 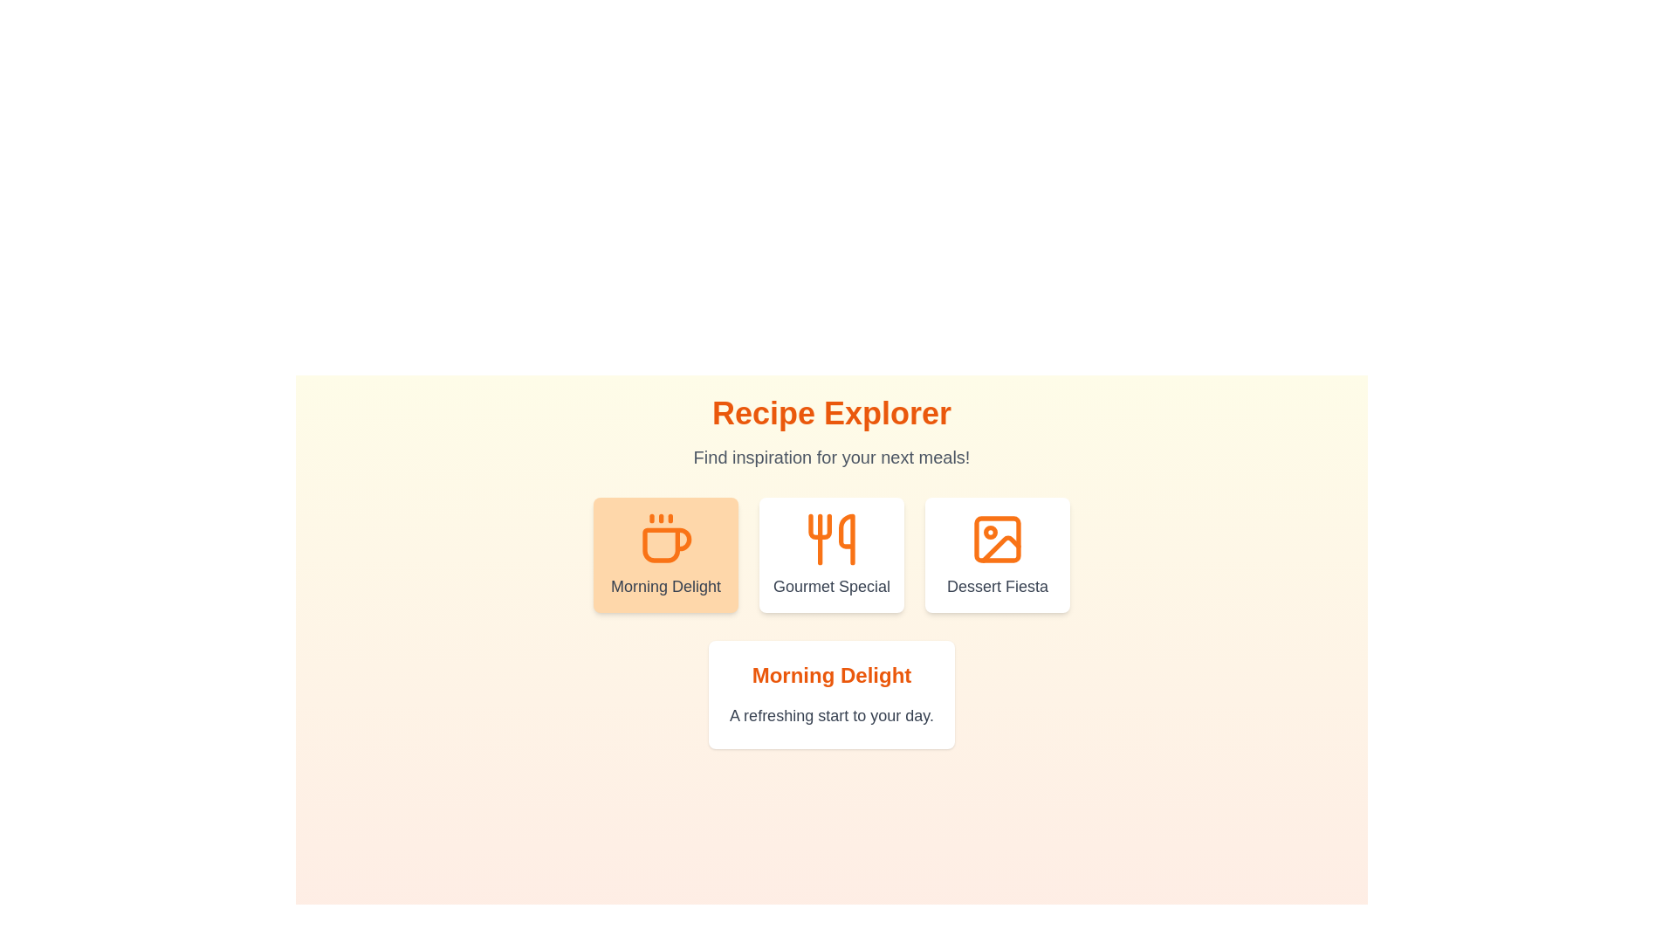 What do you see at coordinates (847, 538) in the screenshot?
I see `the third icon in the 'Gourmet Special' selection, which is a curved red-orange vector graphic resembling a knife or utensil segment` at bounding box center [847, 538].